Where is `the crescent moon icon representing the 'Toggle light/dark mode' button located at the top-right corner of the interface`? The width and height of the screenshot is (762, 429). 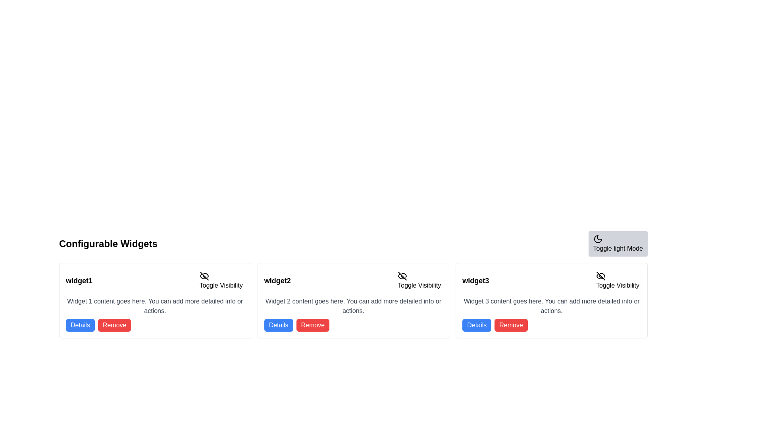 the crescent moon icon representing the 'Toggle light/dark mode' button located at the top-right corner of the interface is located at coordinates (598, 238).